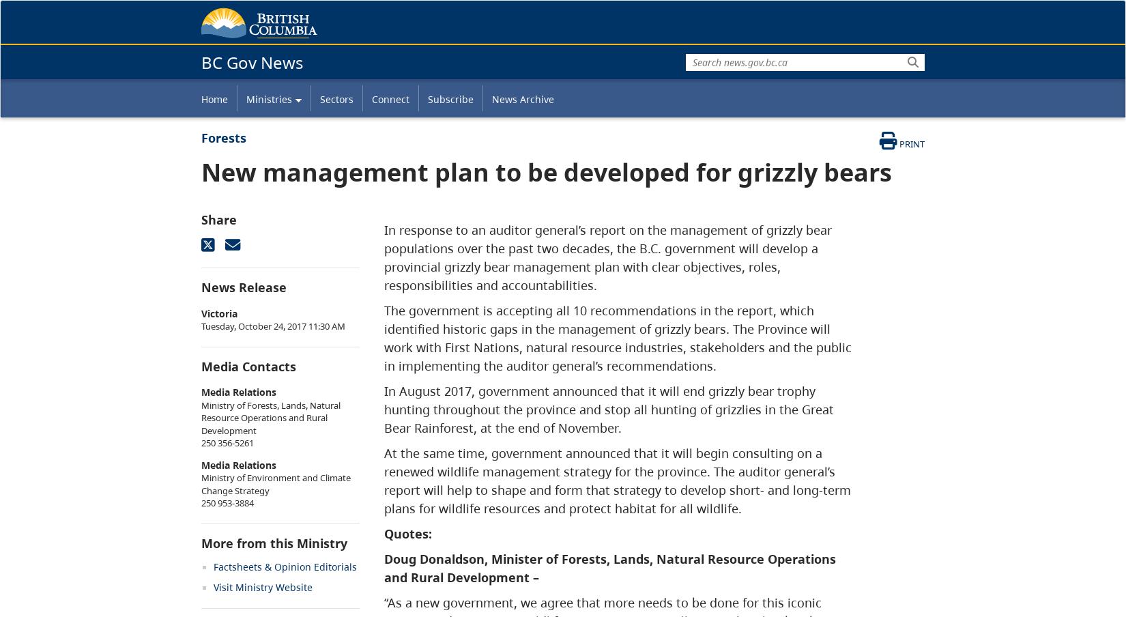 The width and height of the screenshot is (1126, 617). What do you see at coordinates (224, 138) in the screenshot?
I see `'Forests'` at bounding box center [224, 138].